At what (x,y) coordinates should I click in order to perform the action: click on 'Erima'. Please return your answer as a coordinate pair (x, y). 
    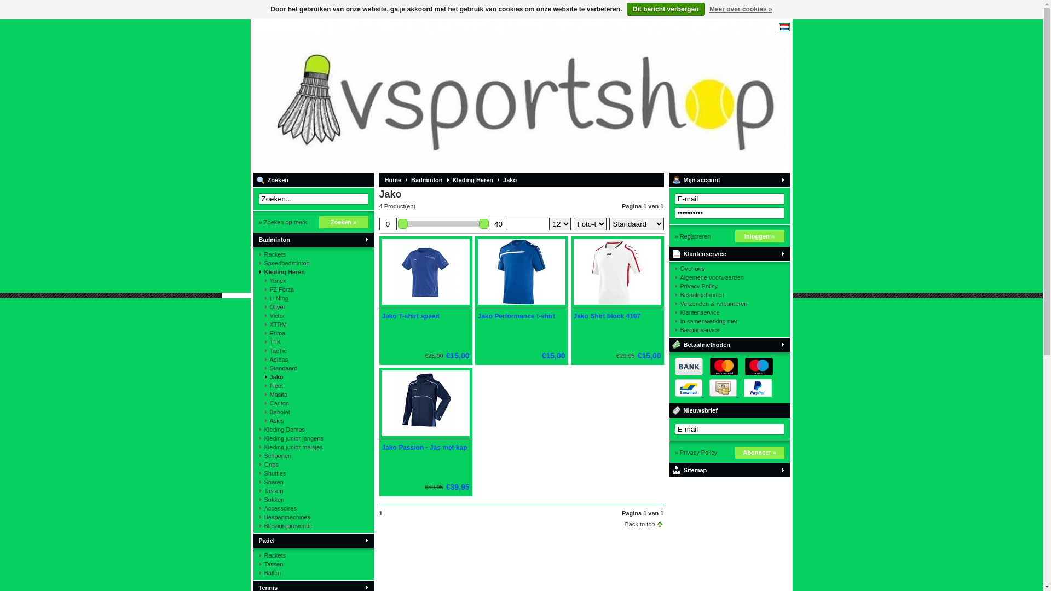
    Looking at the image, I should click on (312, 333).